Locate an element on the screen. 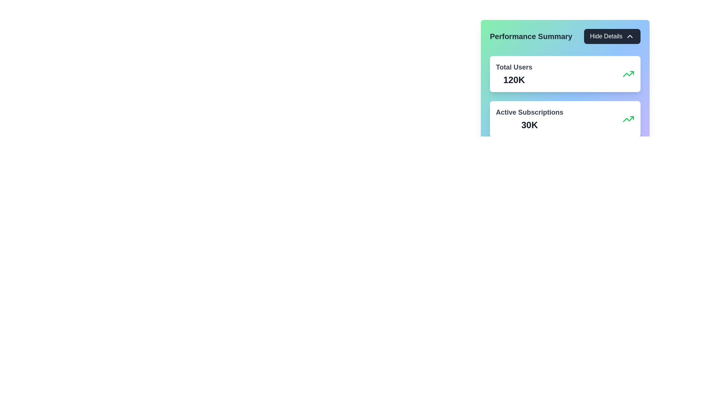 The height and width of the screenshot is (406, 723). the 'Total Users' summary metric in the first Information Card located below the 'Performance Summary' title and above the 'Active Subscriptions' box is located at coordinates (565, 74).